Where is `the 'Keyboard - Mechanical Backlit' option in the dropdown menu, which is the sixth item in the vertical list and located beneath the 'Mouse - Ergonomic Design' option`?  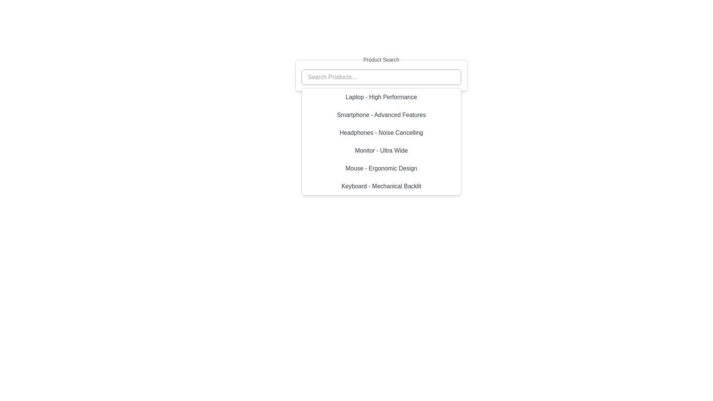 the 'Keyboard - Mechanical Backlit' option in the dropdown menu, which is the sixth item in the vertical list and located beneath the 'Mouse - Ergonomic Design' option is located at coordinates (381, 186).